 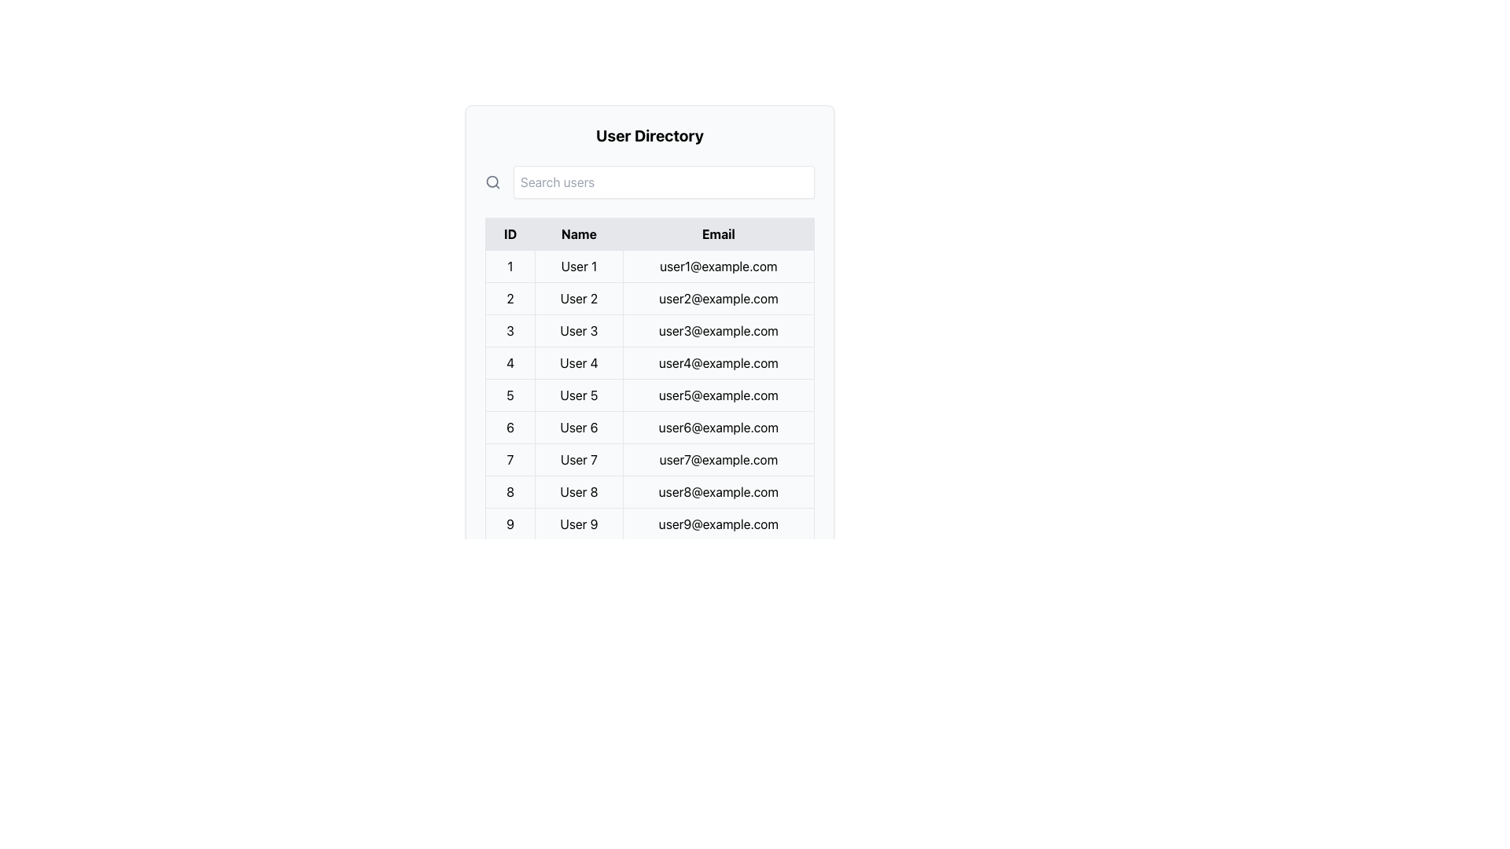 What do you see at coordinates (650, 427) in the screenshot?
I see `the email address of the sixth user in the directory table, which contains the details of ID, name, and email` at bounding box center [650, 427].